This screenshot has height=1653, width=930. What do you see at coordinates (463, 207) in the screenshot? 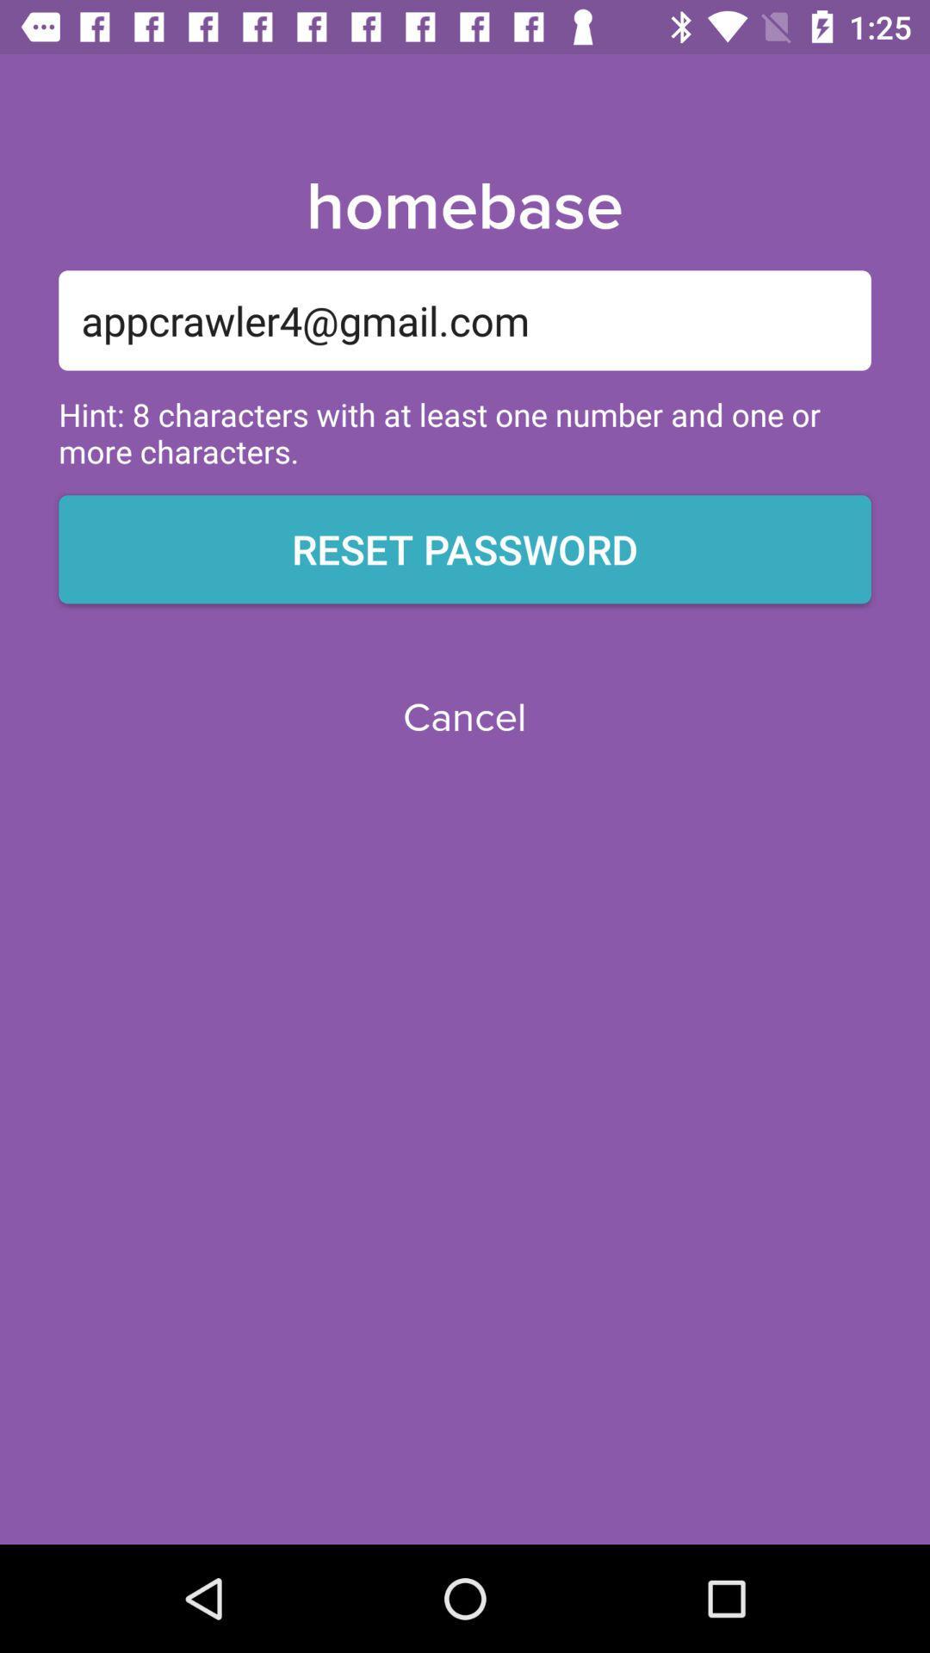
I see `the item above appcrawler4@gmail.com` at bounding box center [463, 207].